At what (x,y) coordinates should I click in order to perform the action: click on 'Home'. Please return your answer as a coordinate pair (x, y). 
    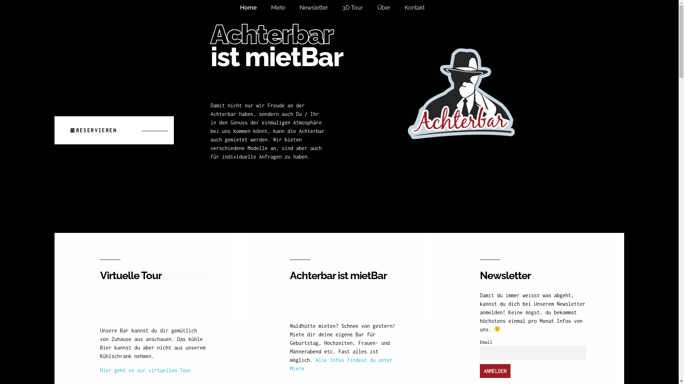
    Looking at the image, I should click on (255, 8).